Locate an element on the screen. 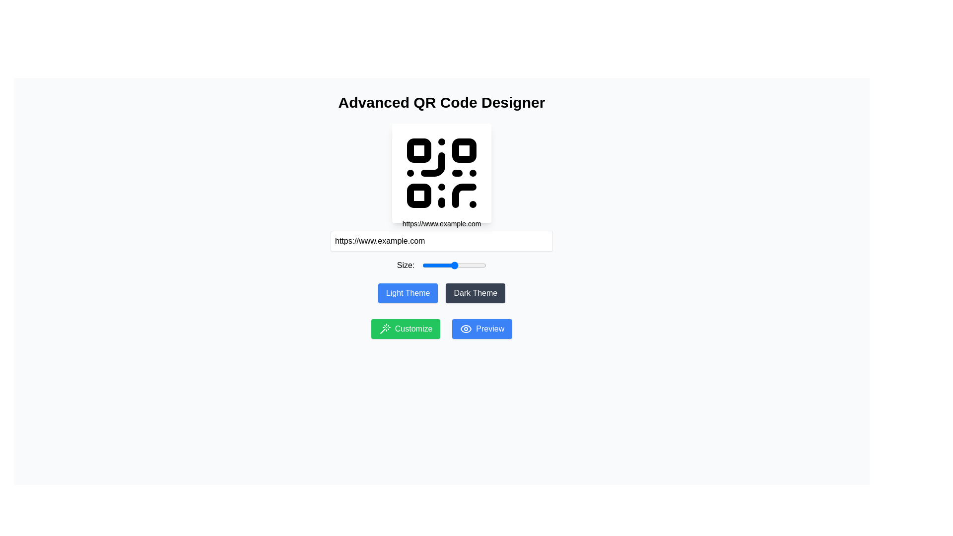 This screenshot has width=953, height=536. the 'Dark Theme' button, which is a horizontally rectangular button with rounded corners, styled with a dark gray background and white text, located in the lower-central part of the interface is located at coordinates (475, 292).